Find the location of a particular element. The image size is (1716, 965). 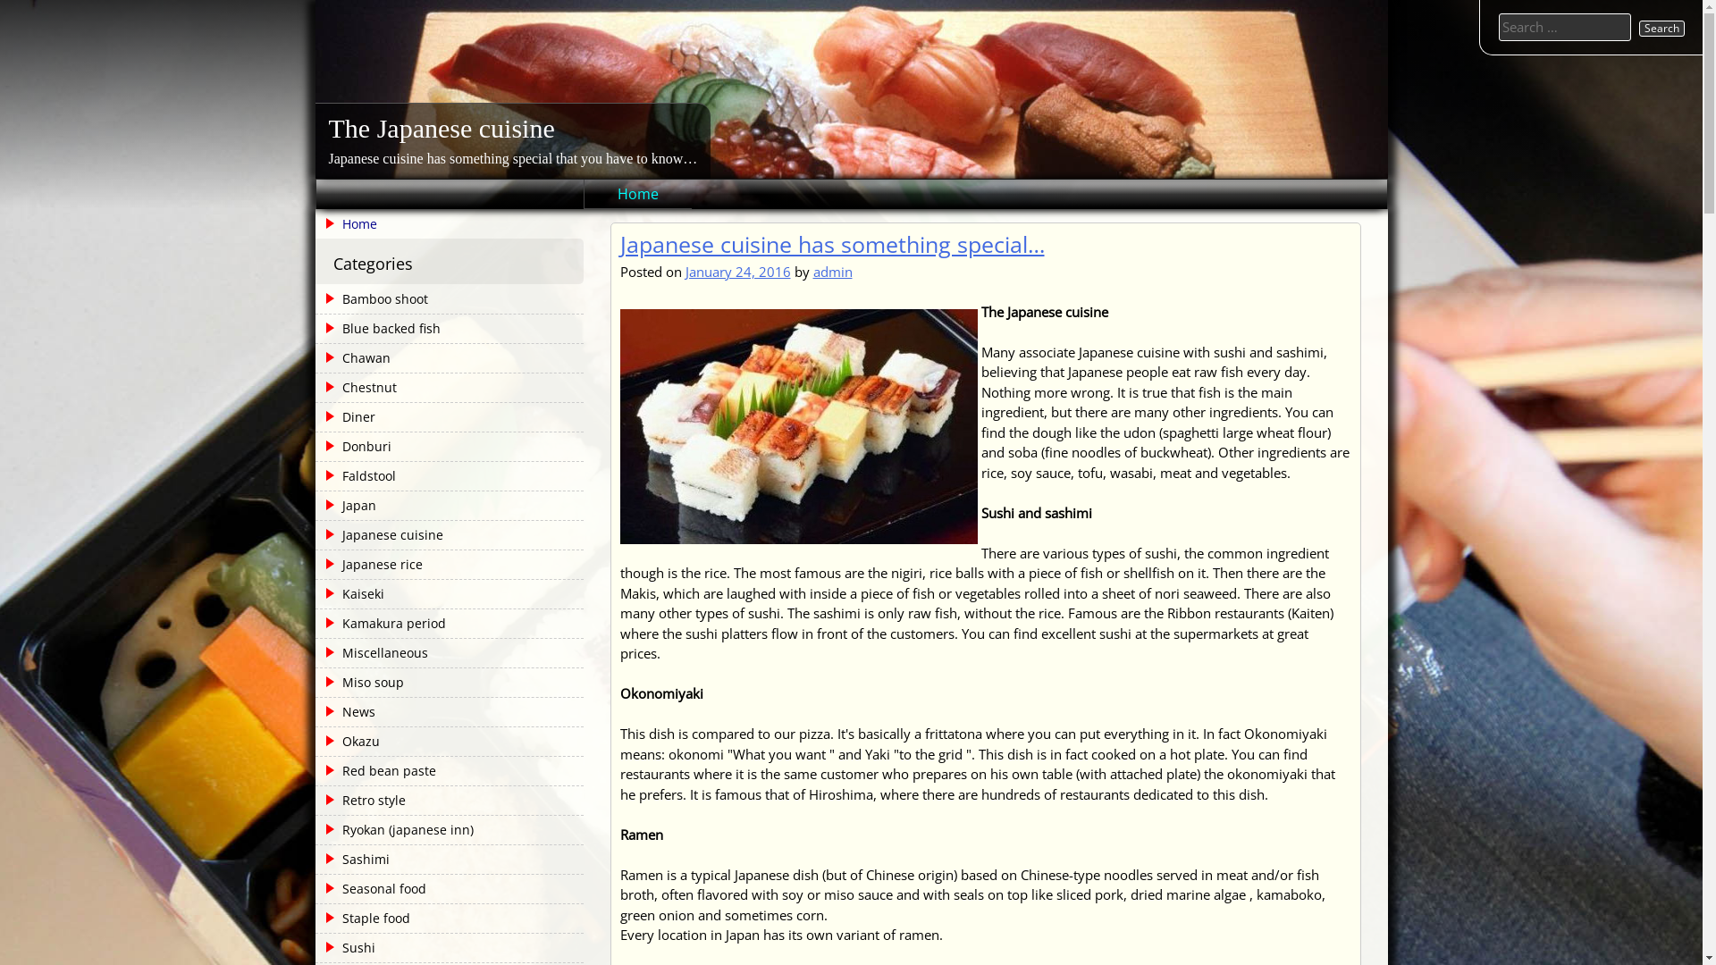

'Faldstool' is located at coordinates (357, 474).